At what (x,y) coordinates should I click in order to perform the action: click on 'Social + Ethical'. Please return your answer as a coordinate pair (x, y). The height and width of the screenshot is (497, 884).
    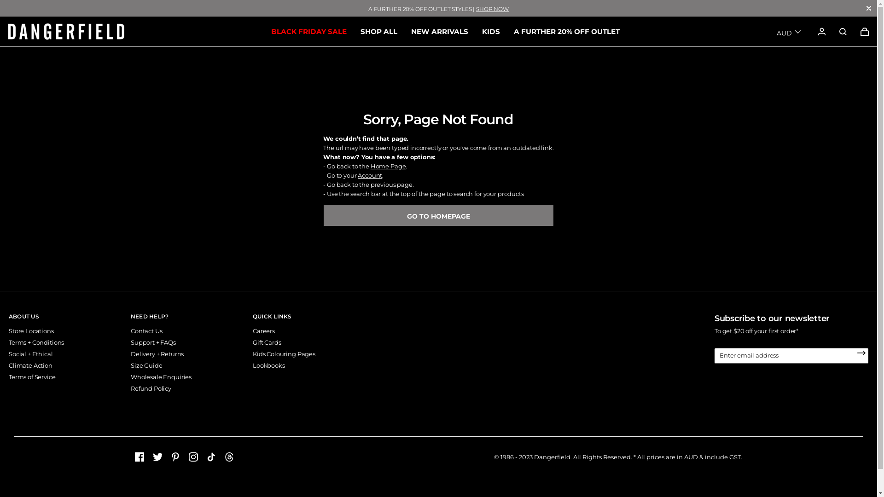
    Looking at the image, I should click on (31, 353).